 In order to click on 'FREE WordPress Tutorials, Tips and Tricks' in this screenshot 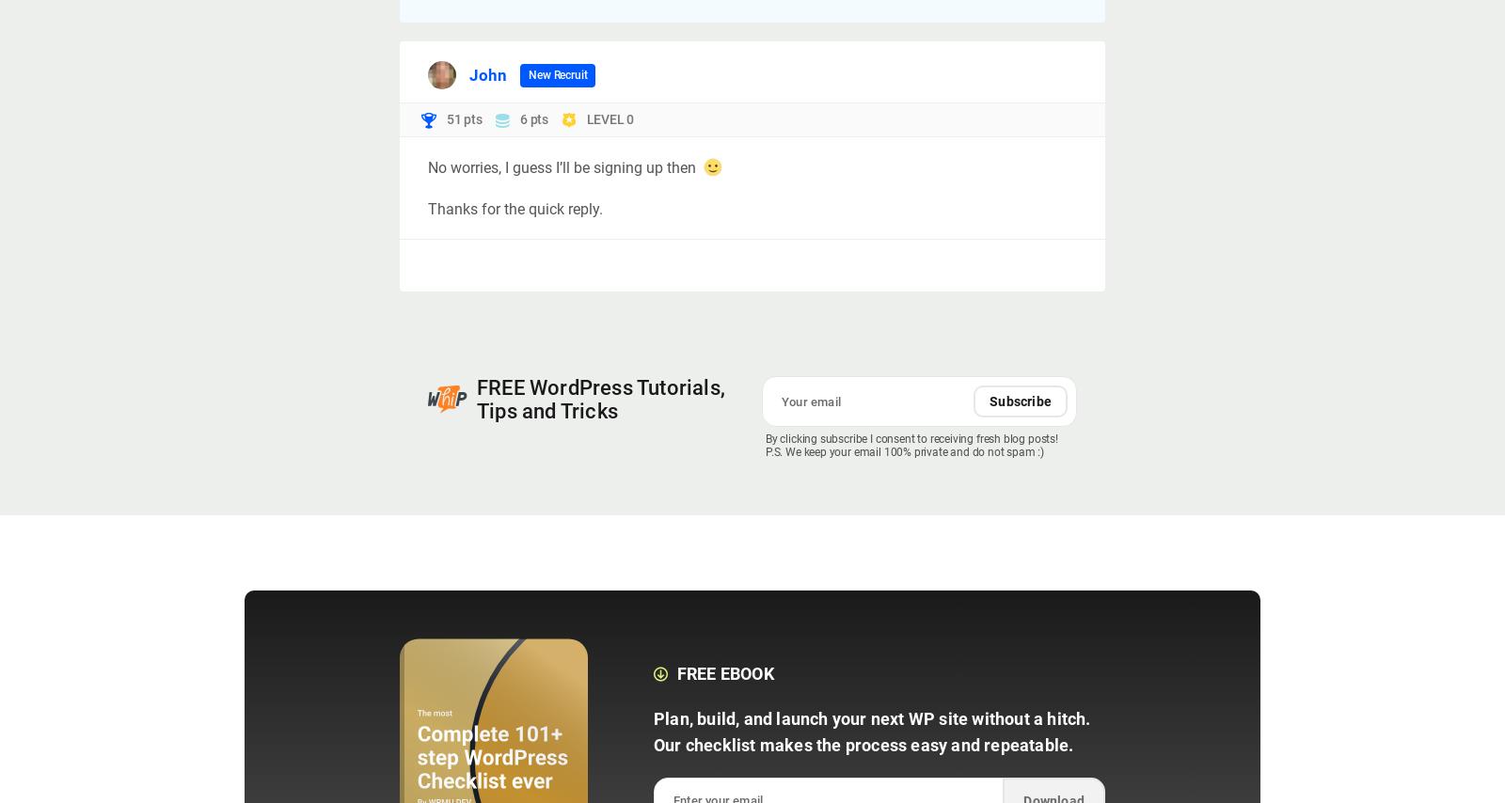, I will do `click(601, 400)`.